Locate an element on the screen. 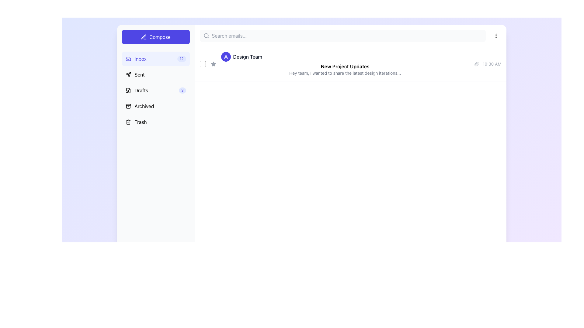 The height and width of the screenshot is (328, 584). the Avatar Icon representing the 'Design Team' in the email list is located at coordinates (225, 56).